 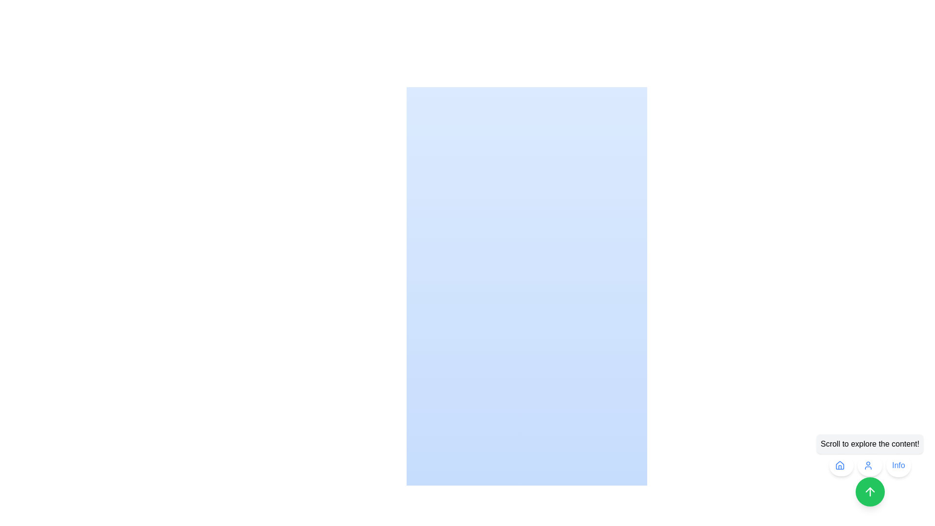 What do you see at coordinates (839, 465) in the screenshot?
I see `the house-shaped icon button, styled in blue within a circular white button, located at the bottom-right corner of the interface` at bounding box center [839, 465].